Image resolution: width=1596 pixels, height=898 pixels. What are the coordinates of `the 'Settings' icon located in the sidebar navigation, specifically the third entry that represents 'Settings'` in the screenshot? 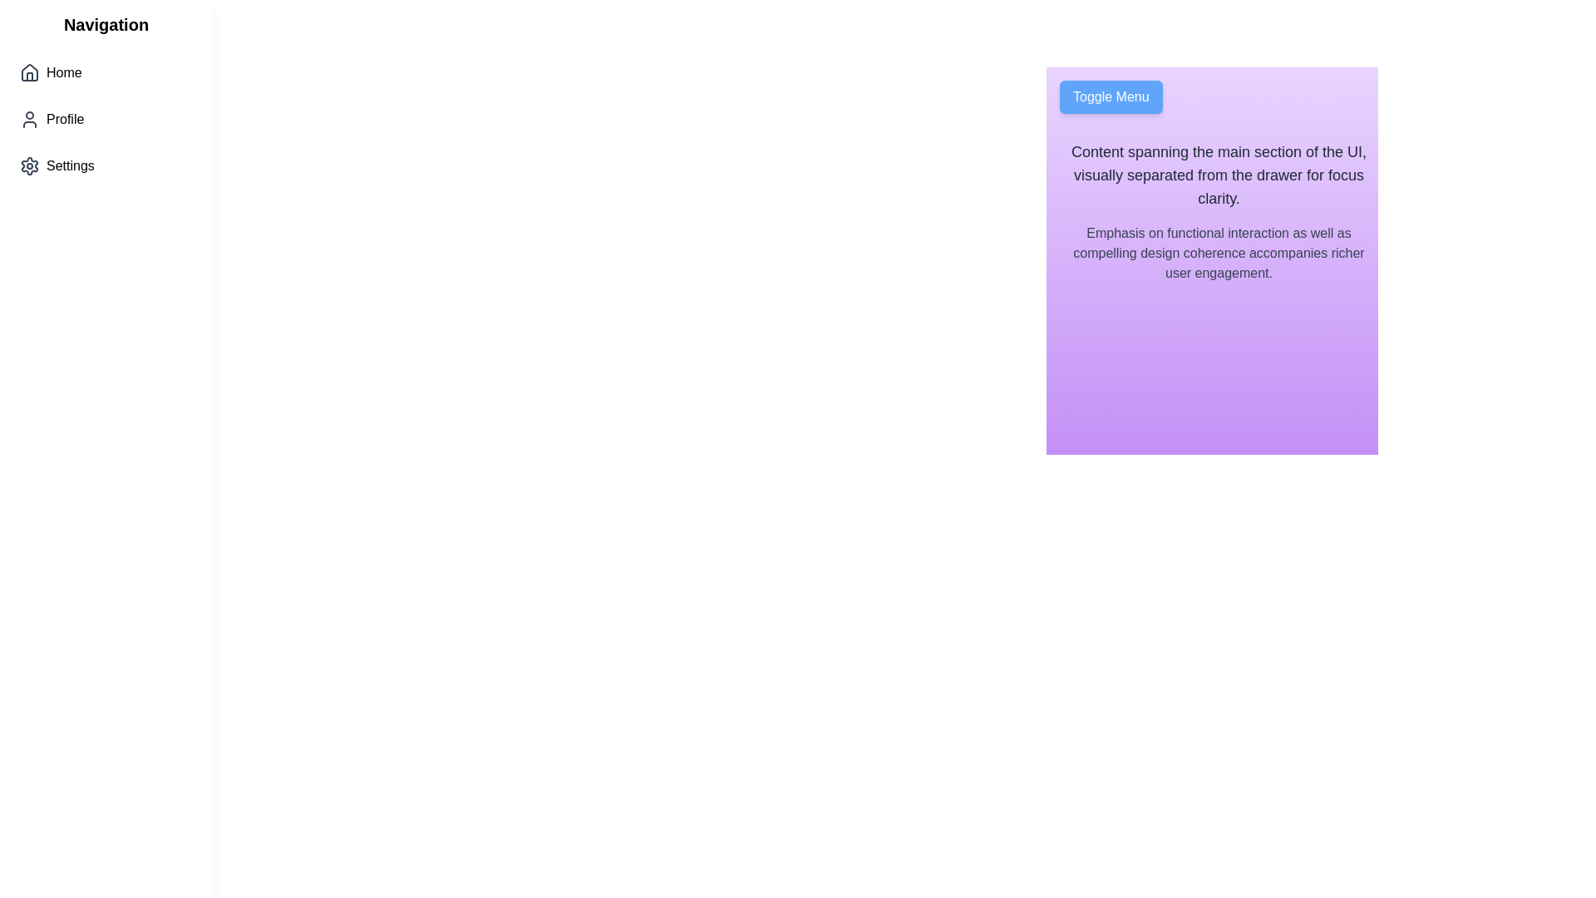 It's located at (29, 166).